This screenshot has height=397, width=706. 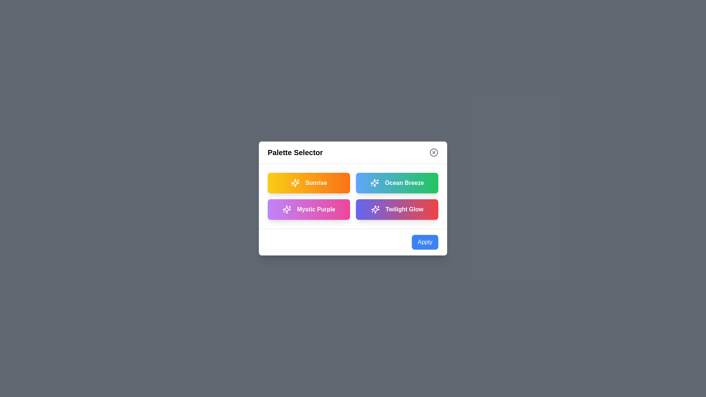 What do you see at coordinates (397, 210) in the screenshot?
I see `the palette card labeled Twilight Glow to select it` at bounding box center [397, 210].